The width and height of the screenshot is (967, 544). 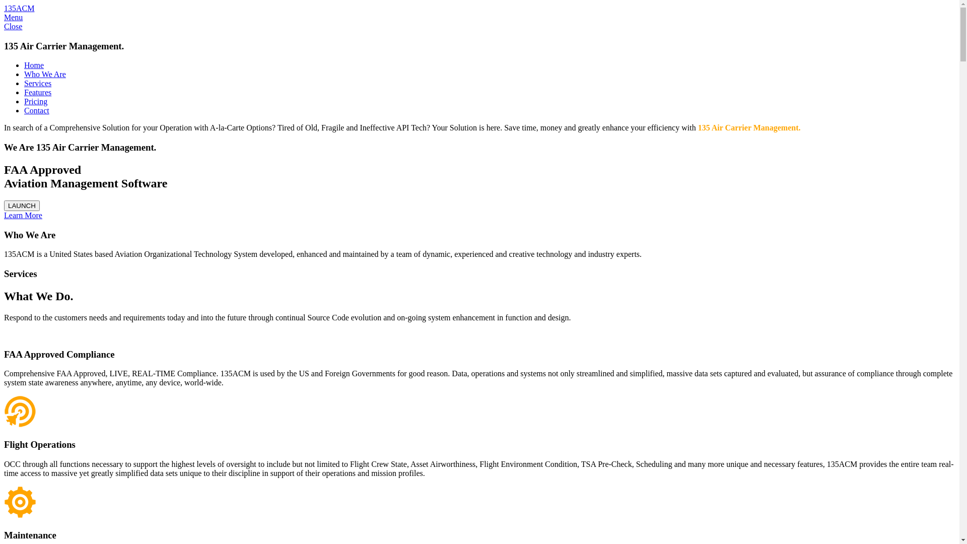 What do you see at coordinates (38, 92) in the screenshot?
I see `'Features'` at bounding box center [38, 92].